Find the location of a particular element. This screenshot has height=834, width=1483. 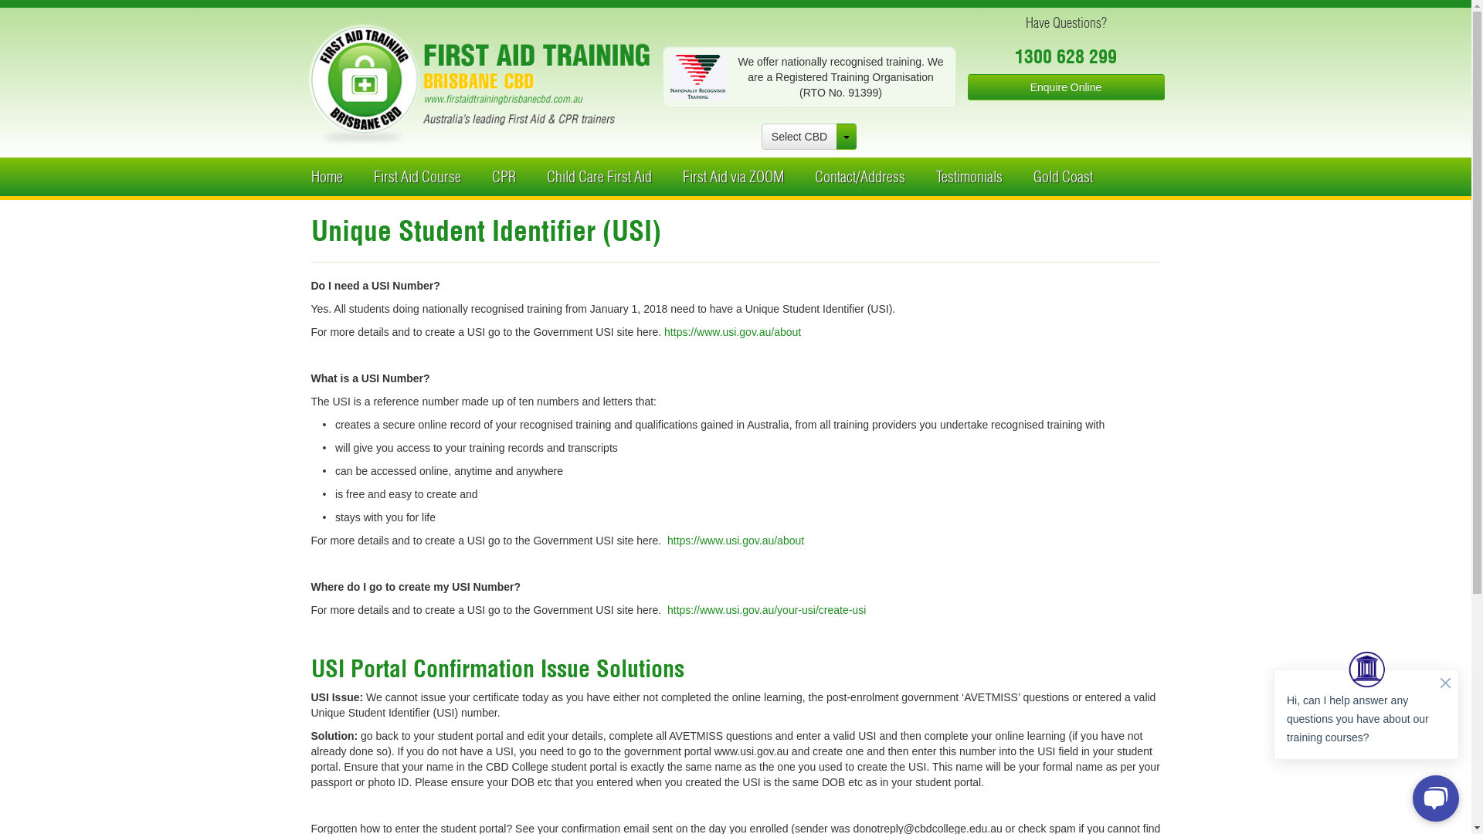

'First Aid via ZOOM' is located at coordinates (732, 175).